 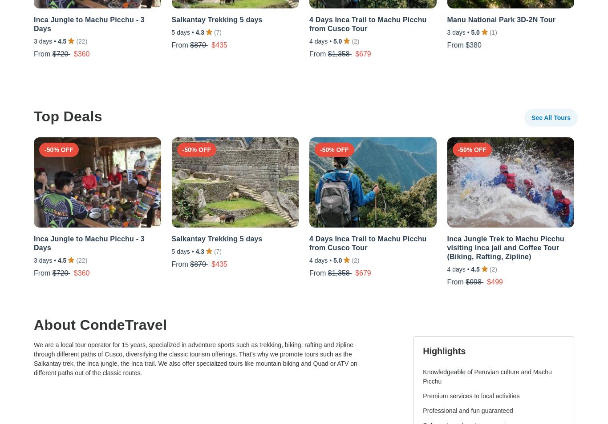 I want to click on 'About CondeTravel', so click(x=100, y=324).